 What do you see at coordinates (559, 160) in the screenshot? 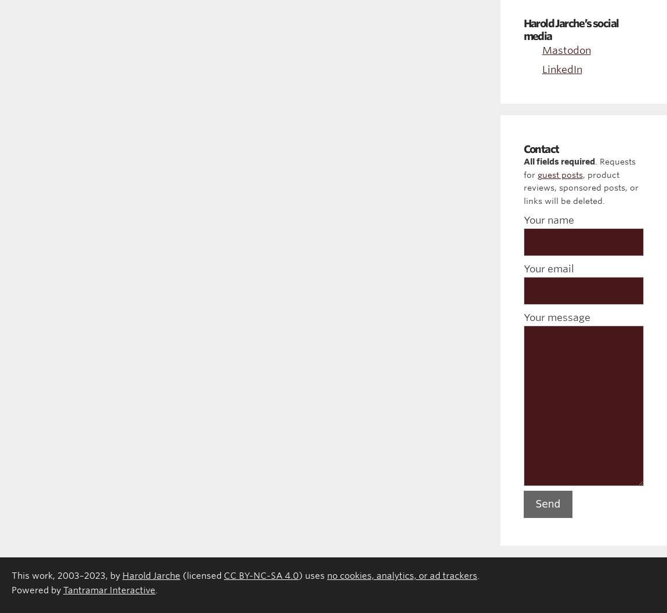
I see `'All fields required'` at bounding box center [559, 160].